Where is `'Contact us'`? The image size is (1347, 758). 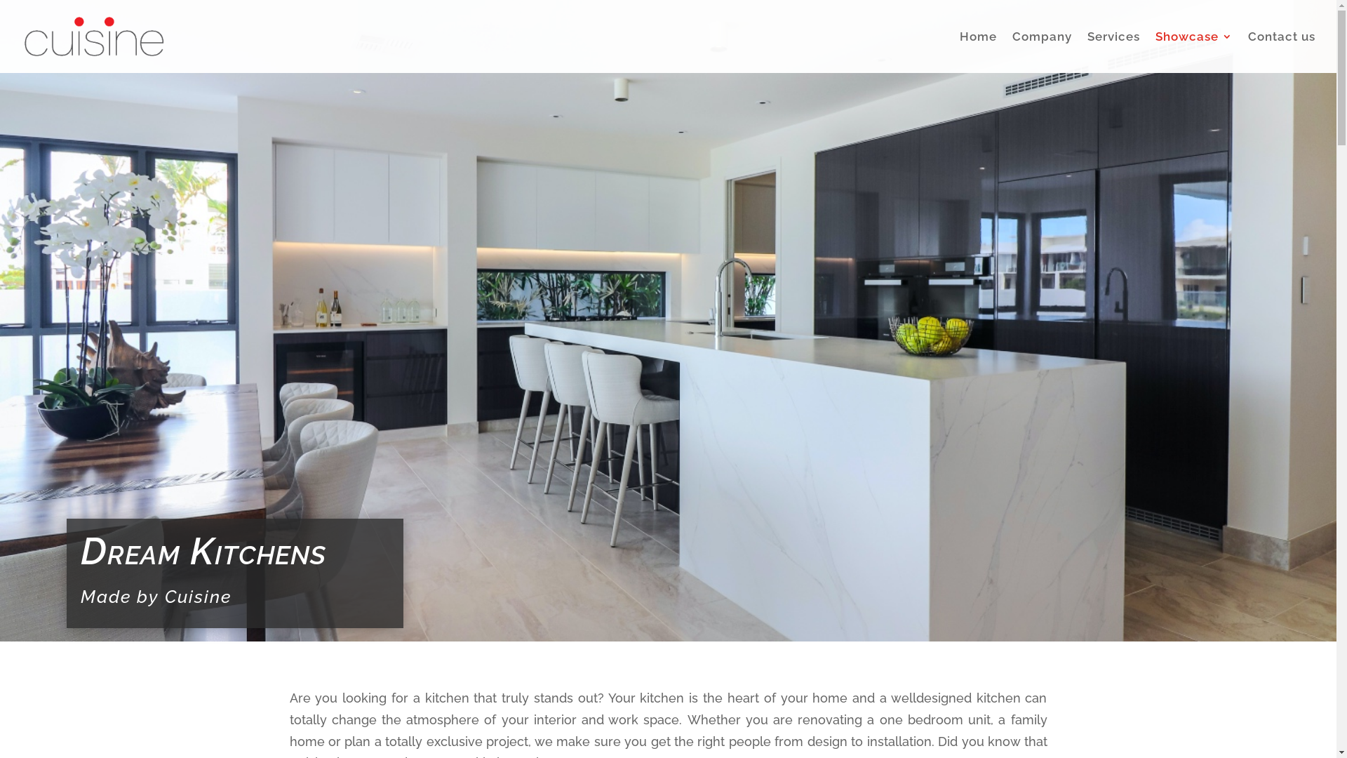
'Contact us' is located at coordinates (1282, 51).